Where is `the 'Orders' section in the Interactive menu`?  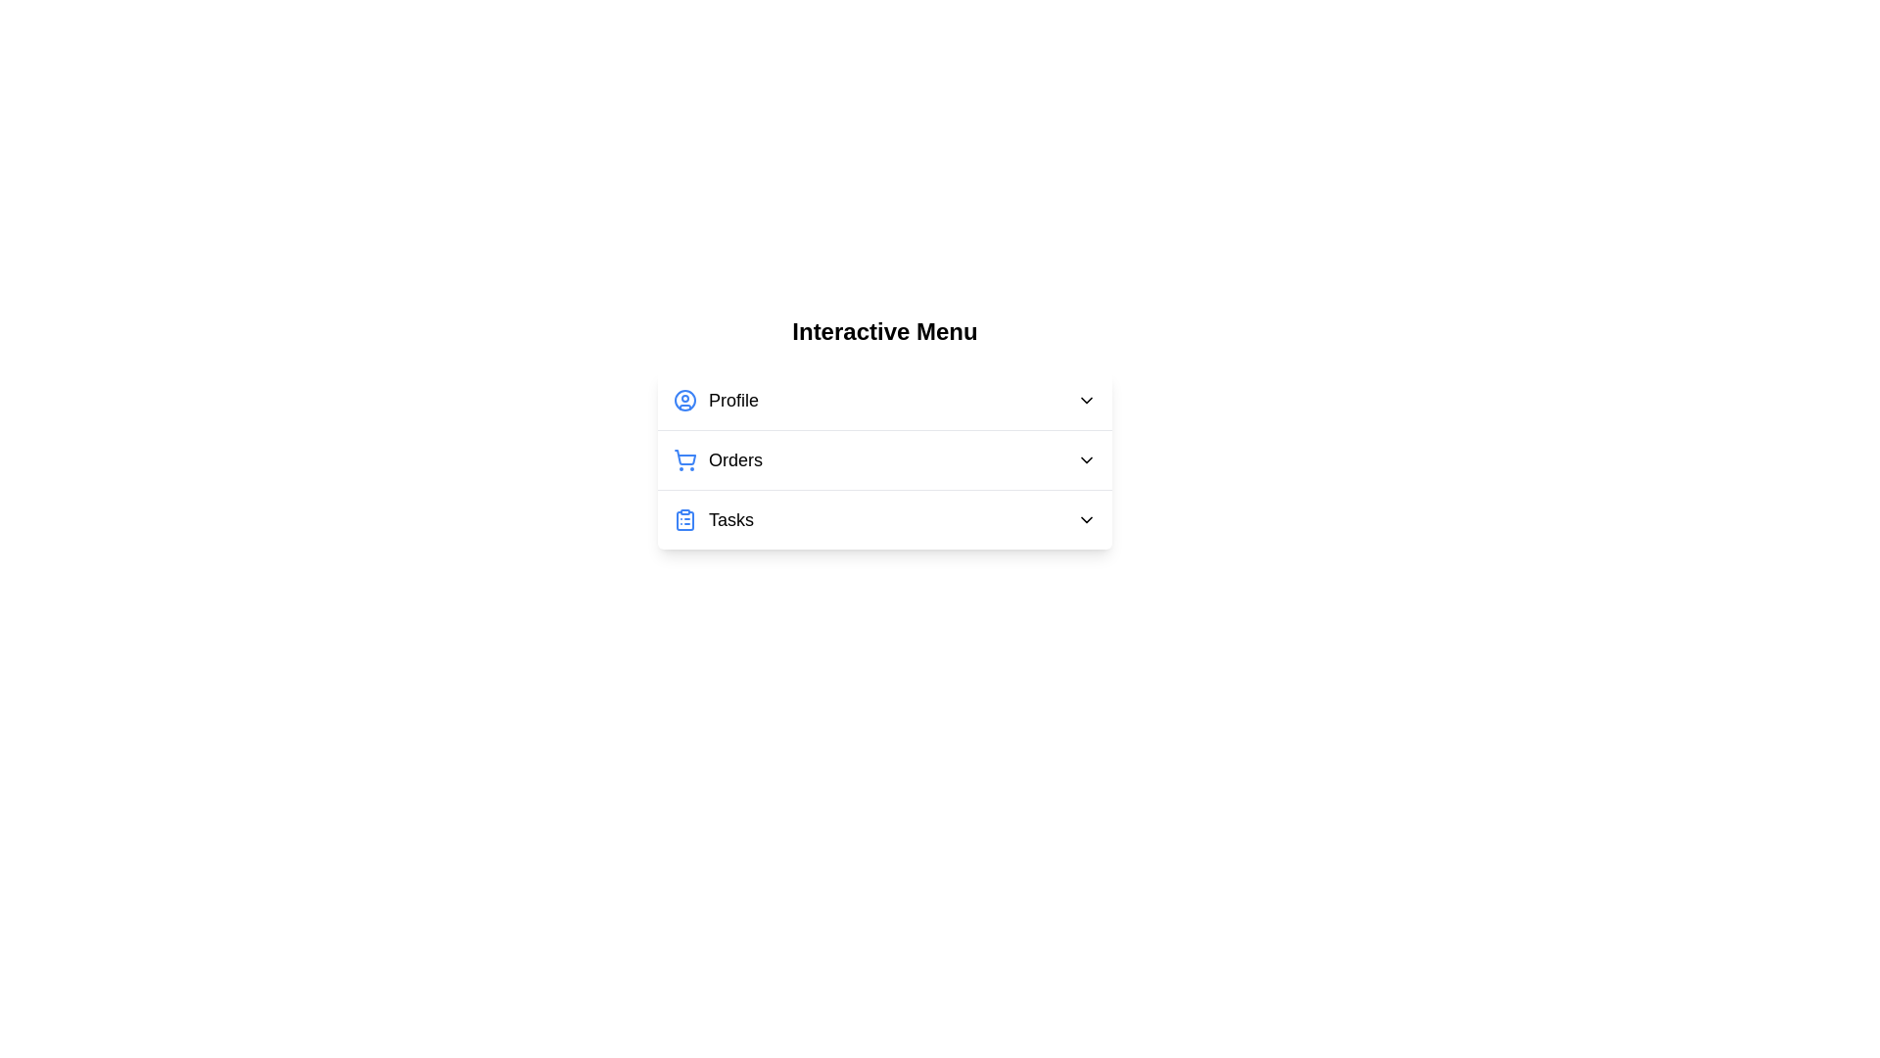 the 'Orders' section in the Interactive menu is located at coordinates (883, 460).